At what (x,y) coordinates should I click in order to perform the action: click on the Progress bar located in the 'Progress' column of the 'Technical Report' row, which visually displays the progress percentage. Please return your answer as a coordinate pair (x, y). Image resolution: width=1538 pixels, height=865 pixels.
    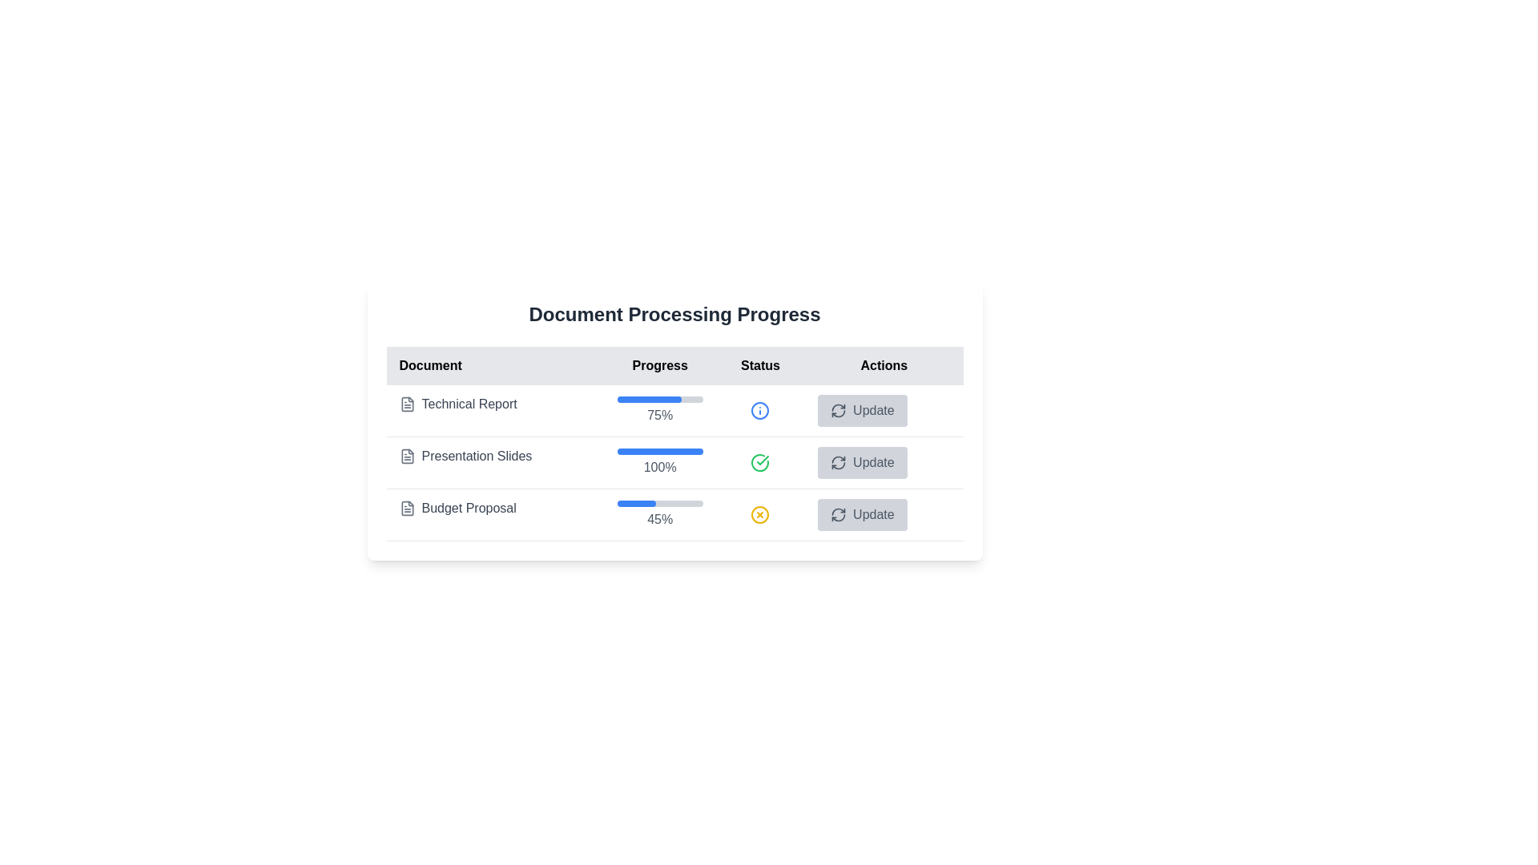
    Looking at the image, I should click on (660, 398).